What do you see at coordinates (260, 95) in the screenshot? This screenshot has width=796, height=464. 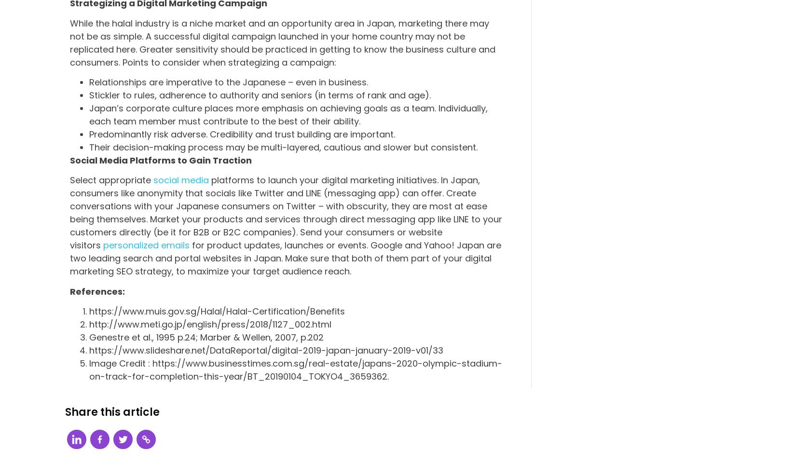 I see `'Stickler to rules, adherence to authority and seniors (in terms of rank and age).'` at bounding box center [260, 95].